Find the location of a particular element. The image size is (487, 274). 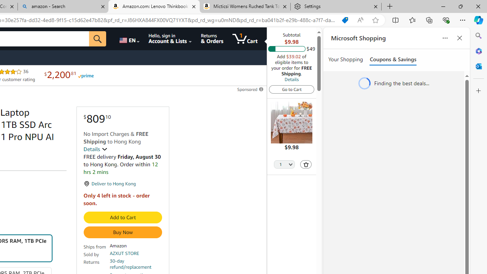

'amazon - Search' is located at coordinates (63, 6).